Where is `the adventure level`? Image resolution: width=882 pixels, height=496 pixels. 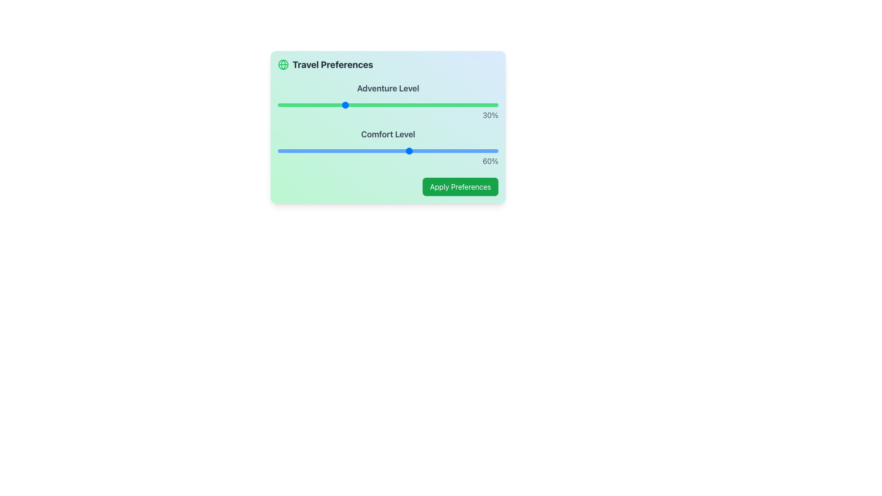
the adventure level is located at coordinates (352, 104).